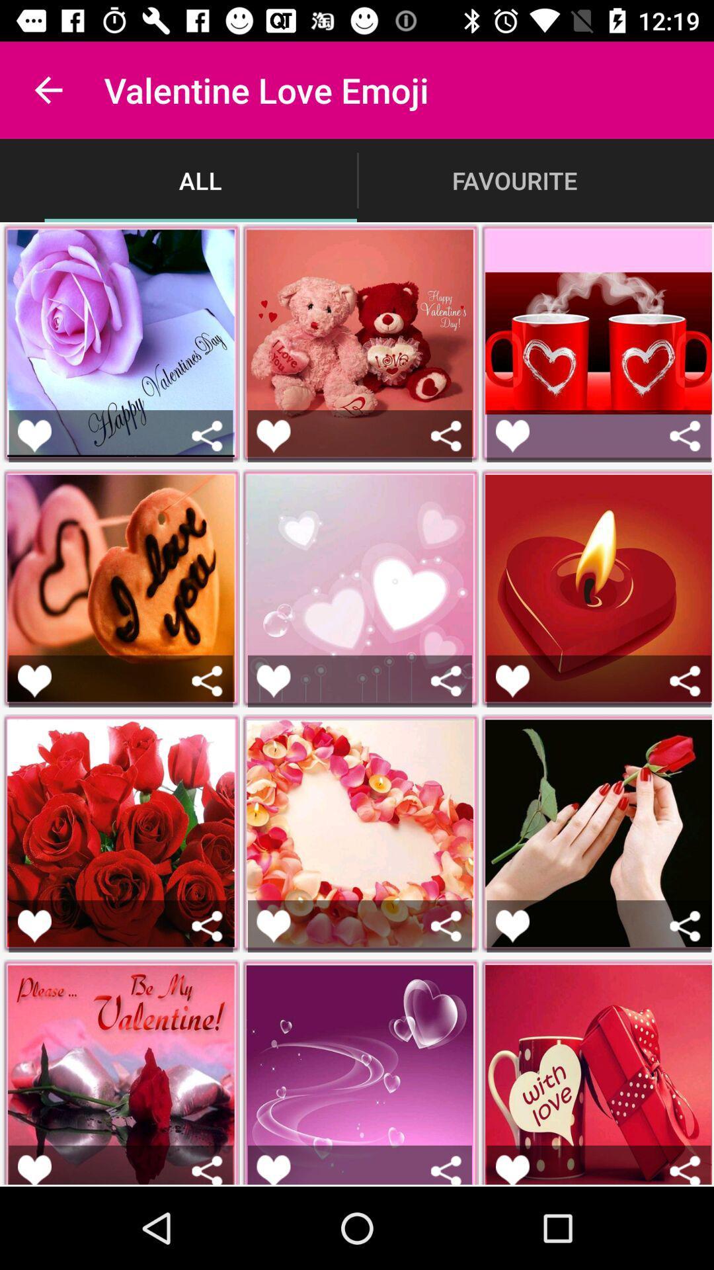 The width and height of the screenshot is (714, 1270). I want to click on share option, so click(207, 1169).